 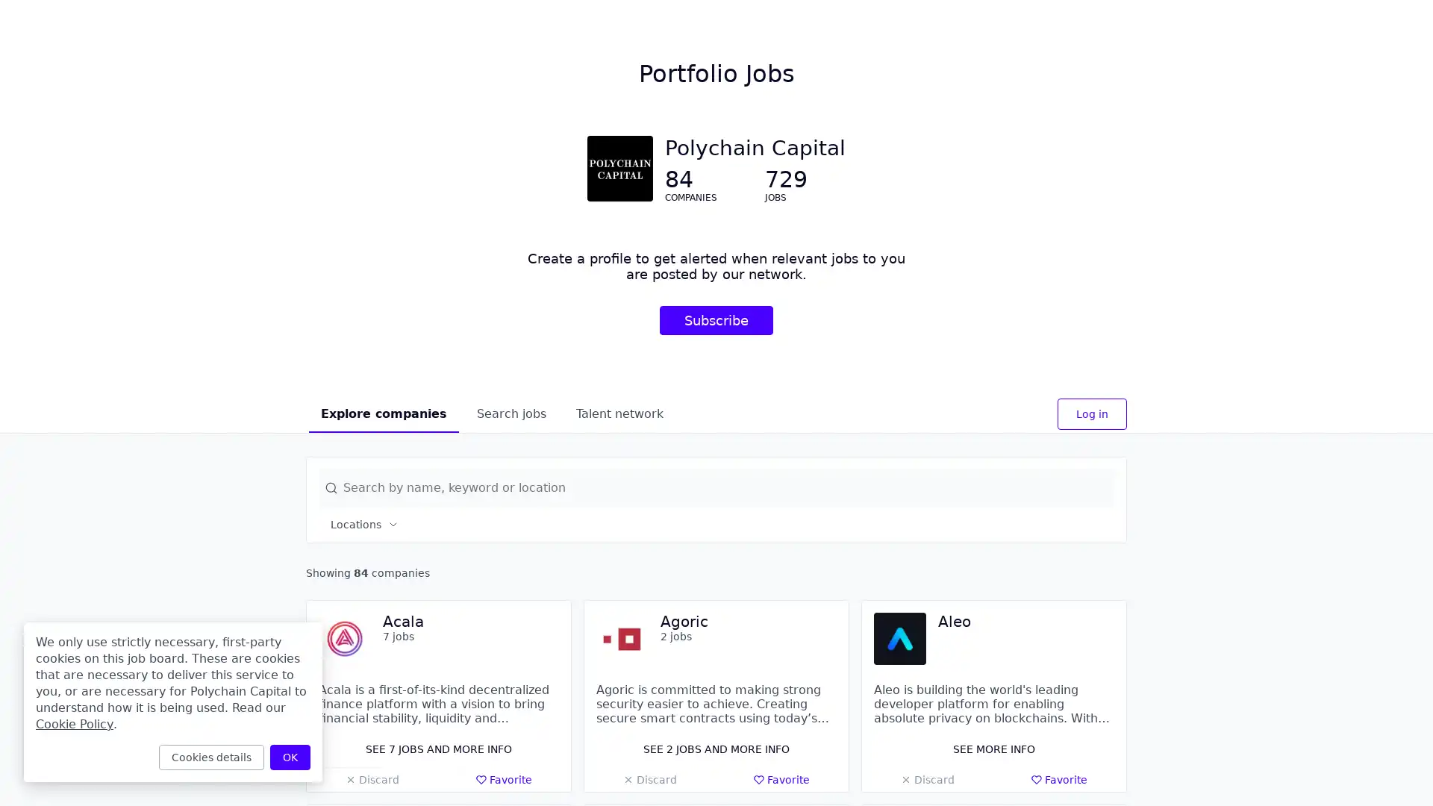 What do you see at coordinates (290, 757) in the screenshot?
I see `OK` at bounding box center [290, 757].